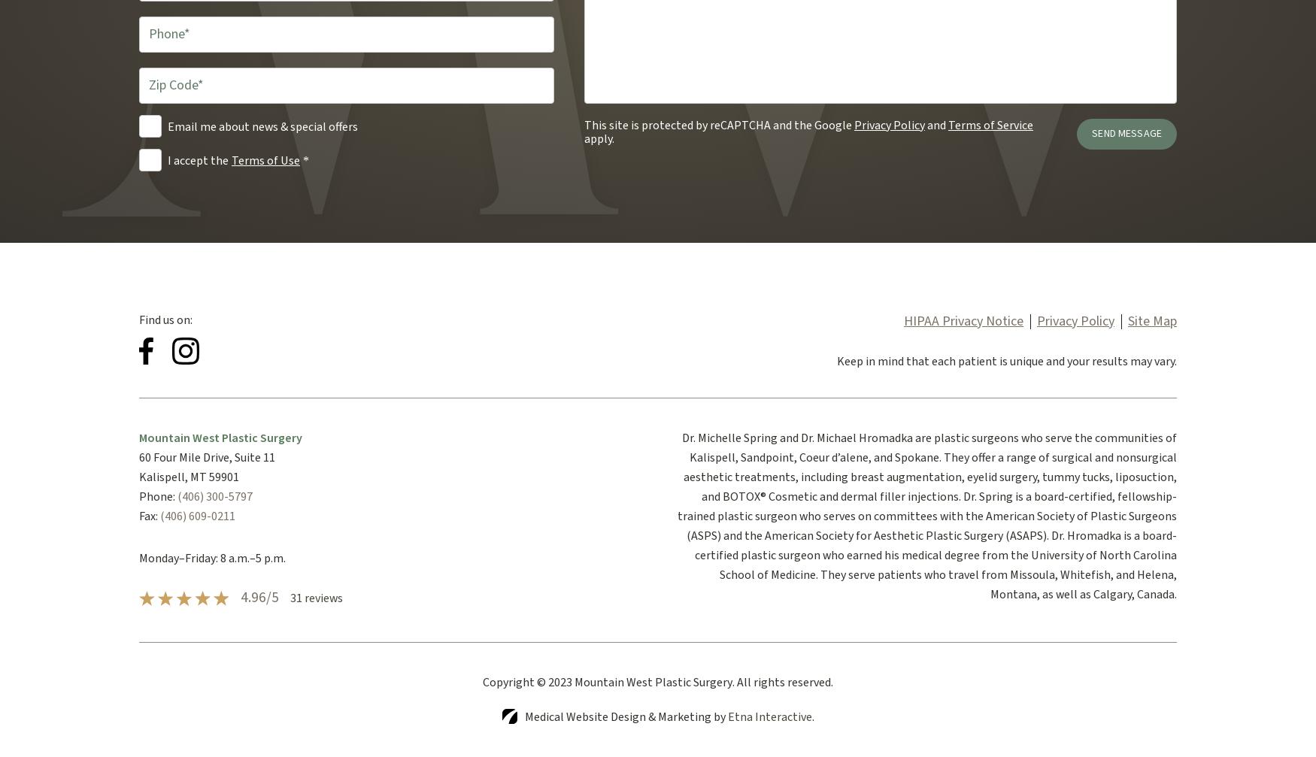  What do you see at coordinates (990, 124) in the screenshot?
I see `'Terms of Service'` at bounding box center [990, 124].